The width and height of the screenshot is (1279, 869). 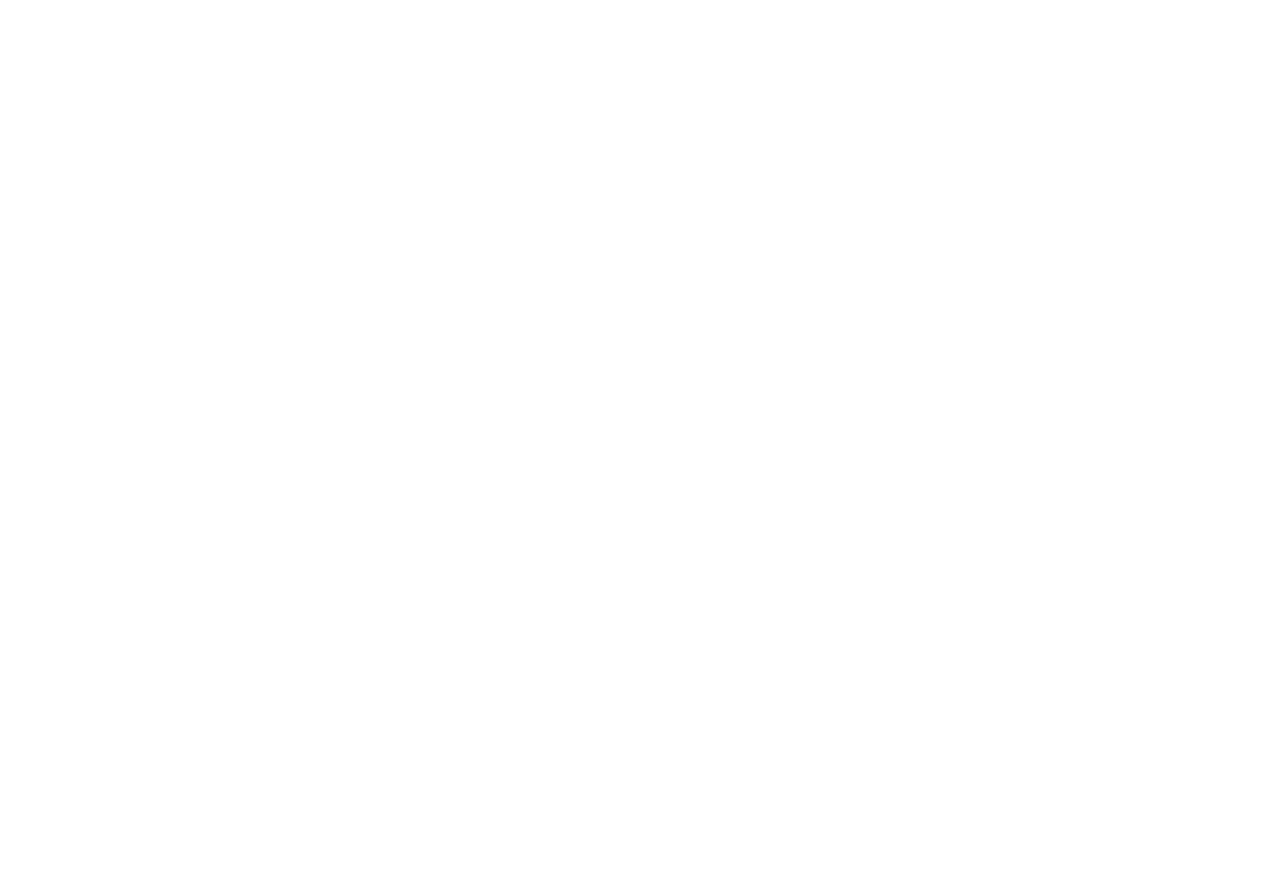 I want to click on '.', so click(x=564, y=82).